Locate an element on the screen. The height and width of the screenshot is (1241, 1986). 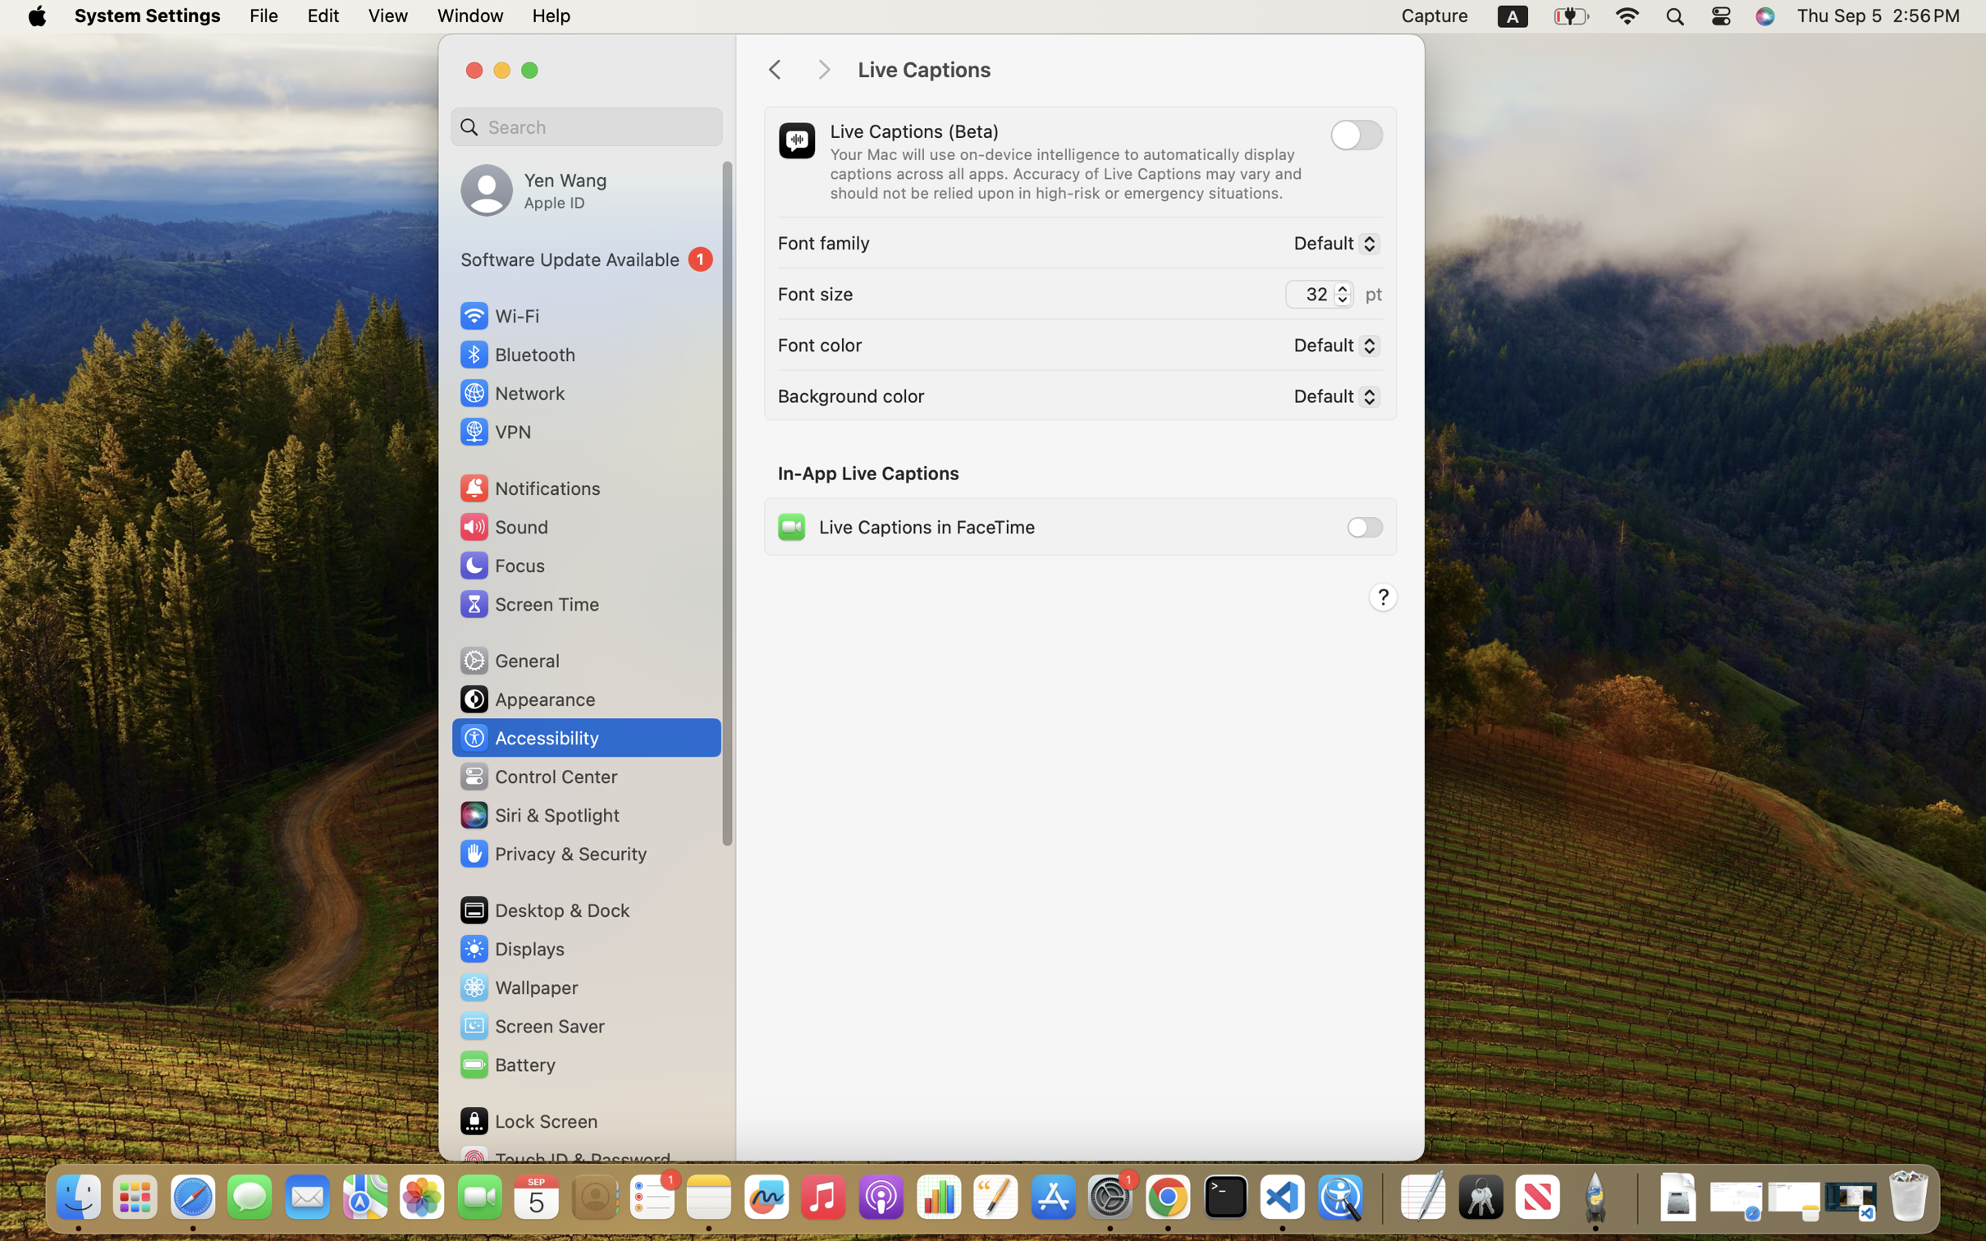
'Wallpaper' is located at coordinates (517, 987).